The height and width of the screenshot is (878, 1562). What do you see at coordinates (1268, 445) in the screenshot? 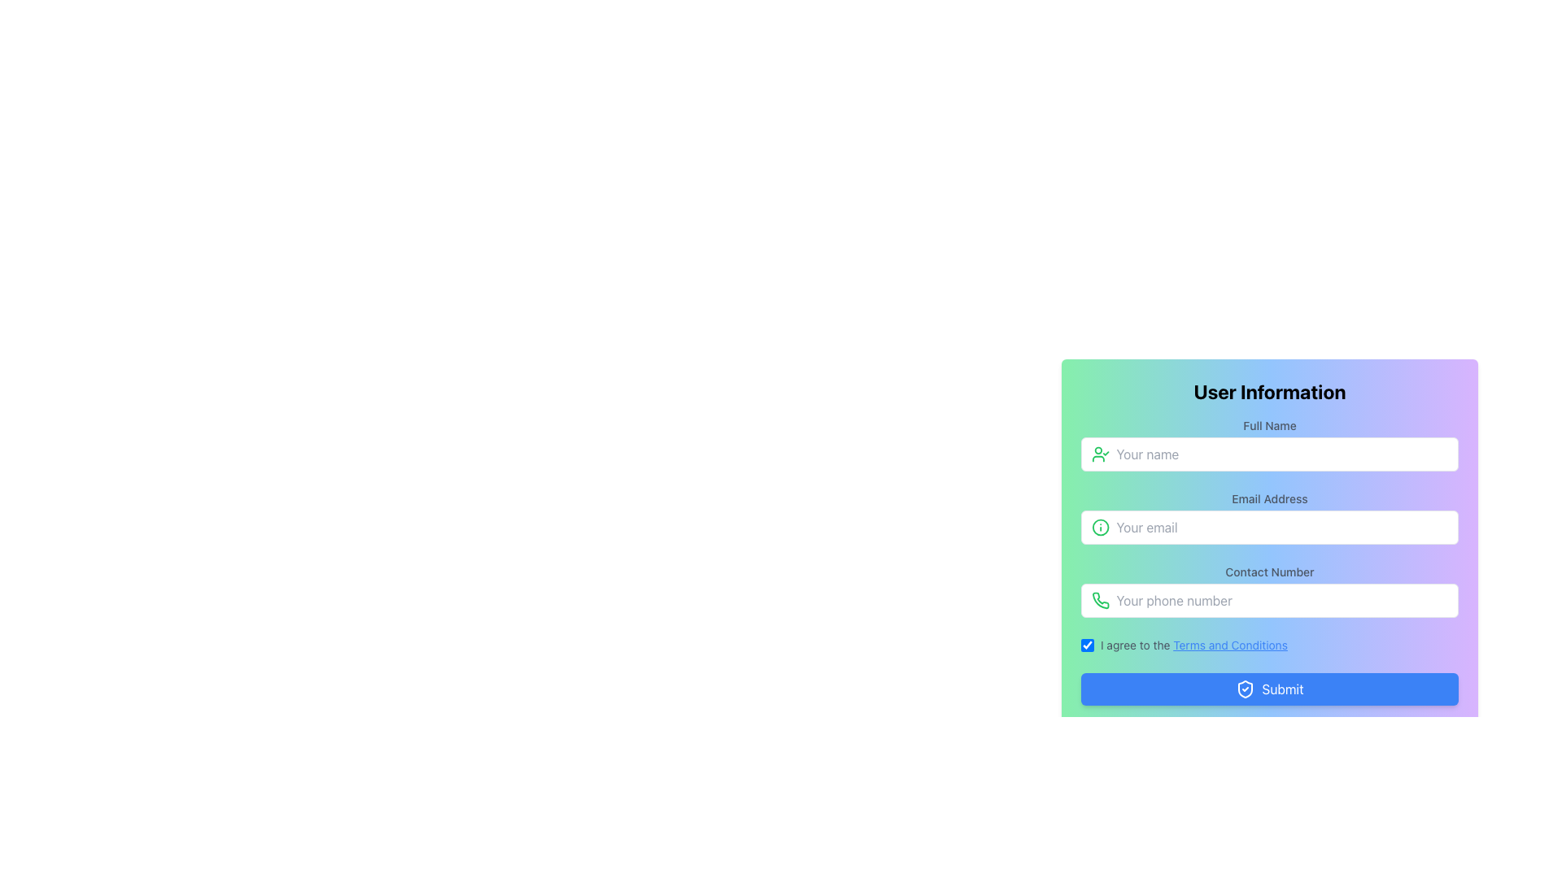
I see `the 'Full Name' text input field to focus on it, which is the first field in the 'User Information' form, labeled with 'Full Name' and has a placeholder 'Your name'` at bounding box center [1268, 445].